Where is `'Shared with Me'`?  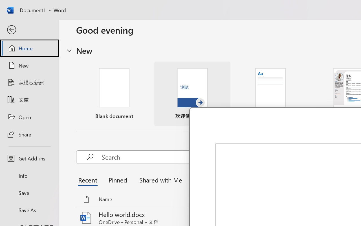 'Shared with Me' is located at coordinates (159, 179).